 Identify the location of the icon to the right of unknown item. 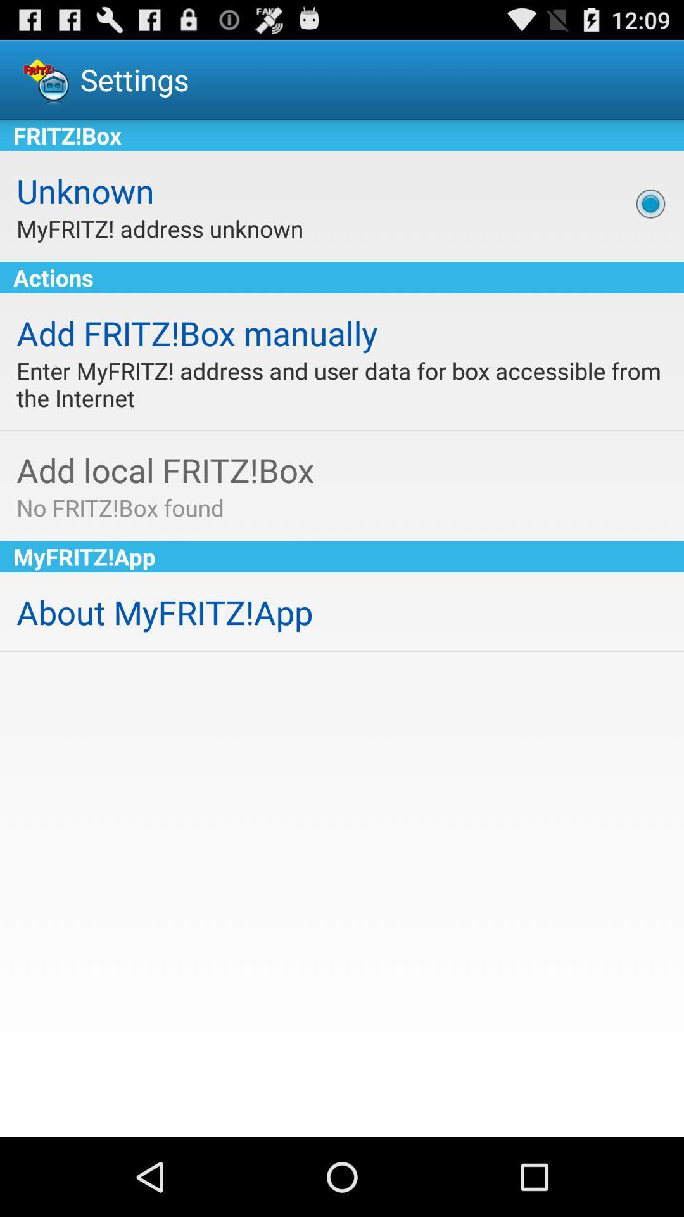
(650, 203).